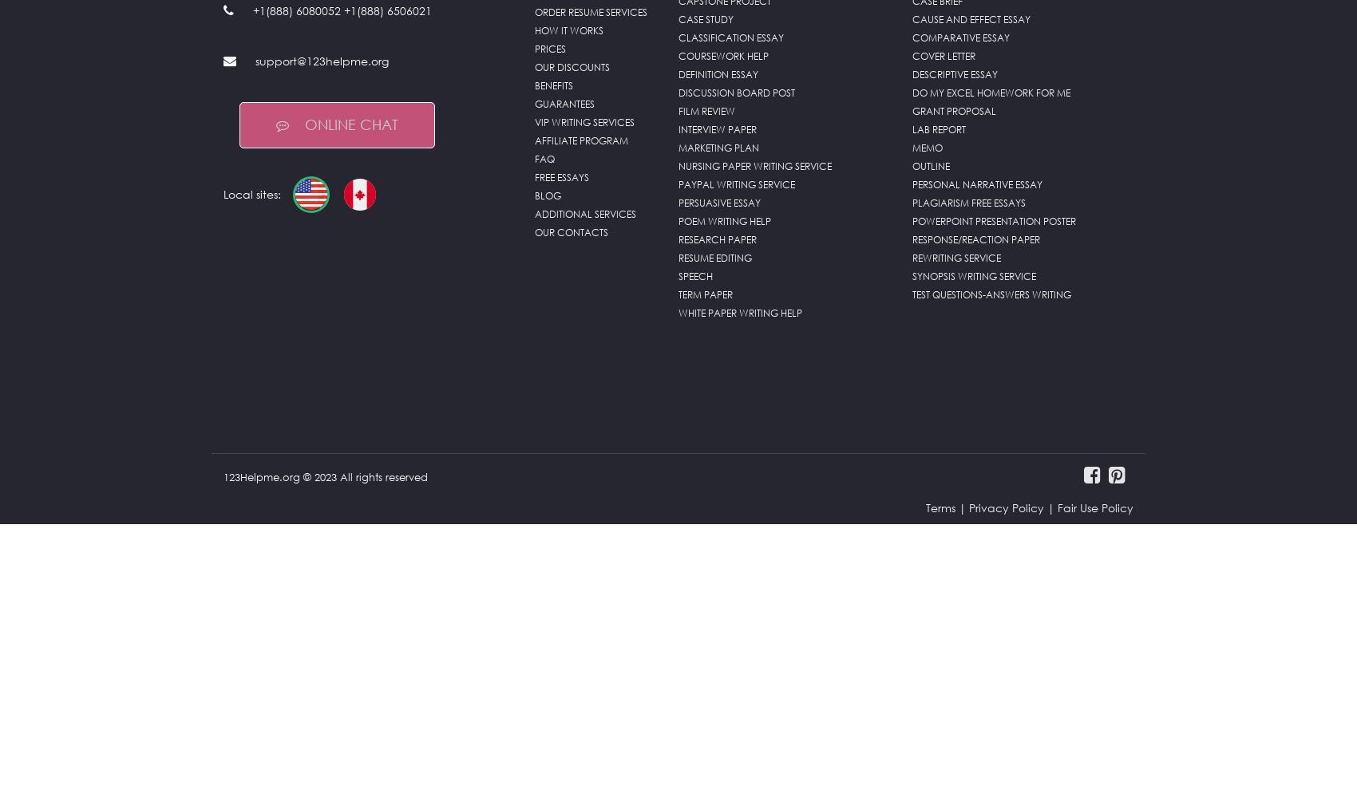 The width and height of the screenshot is (1357, 809). Describe the element at coordinates (736, 184) in the screenshot. I see `'PayPal Writing Service'` at that location.